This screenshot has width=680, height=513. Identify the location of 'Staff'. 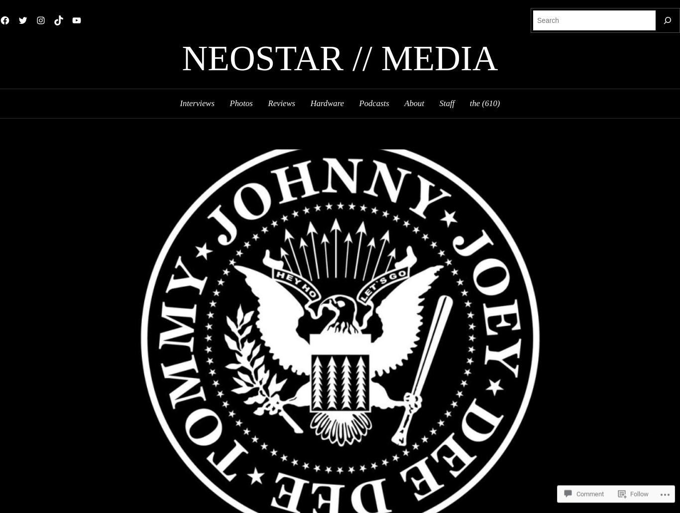
(446, 103).